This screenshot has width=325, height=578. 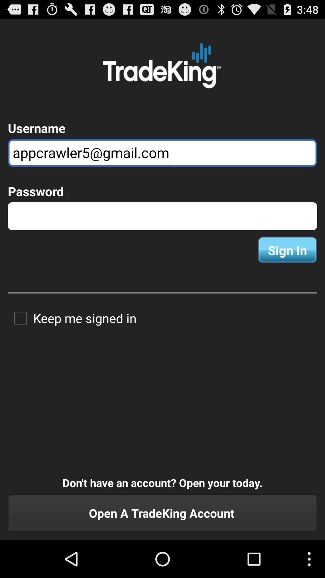 I want to click on sign in, so click(x=287, y=250).